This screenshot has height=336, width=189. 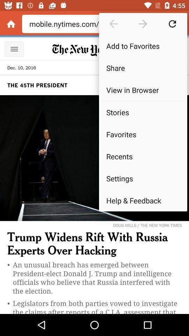 I want to click on the view in browser item, so click(x=142, y=90).